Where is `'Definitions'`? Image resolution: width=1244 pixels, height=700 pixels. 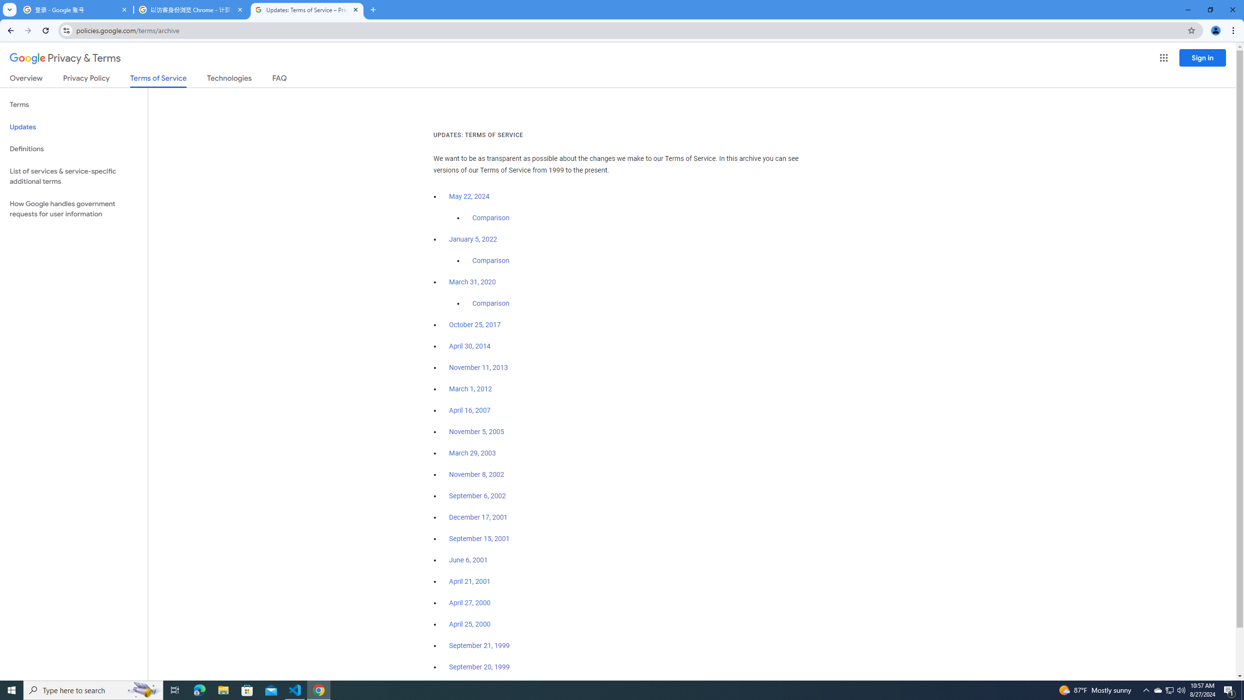
'Definitions' is located at coordinates (73, 149).